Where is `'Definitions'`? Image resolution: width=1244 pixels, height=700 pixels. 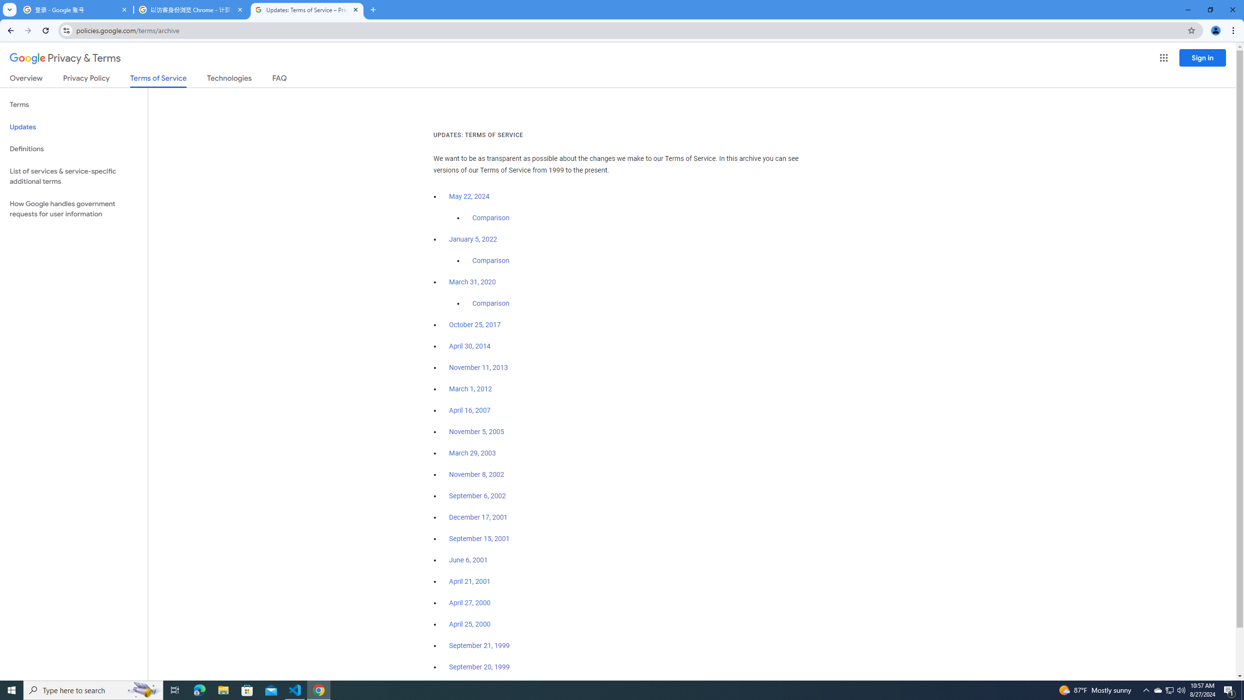
'Definitions' is located at coordinates (73, 149).